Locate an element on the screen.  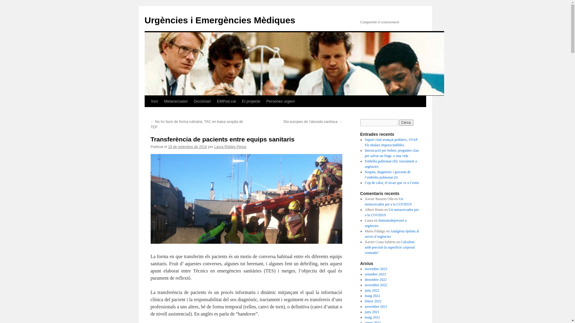
'Diccionari' is located at coordinates (202, 101).